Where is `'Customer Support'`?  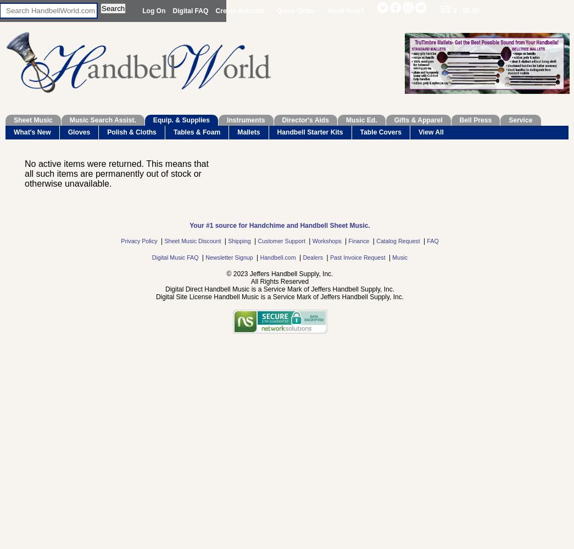
'Customer Support' is located at coordinates (281, 240).